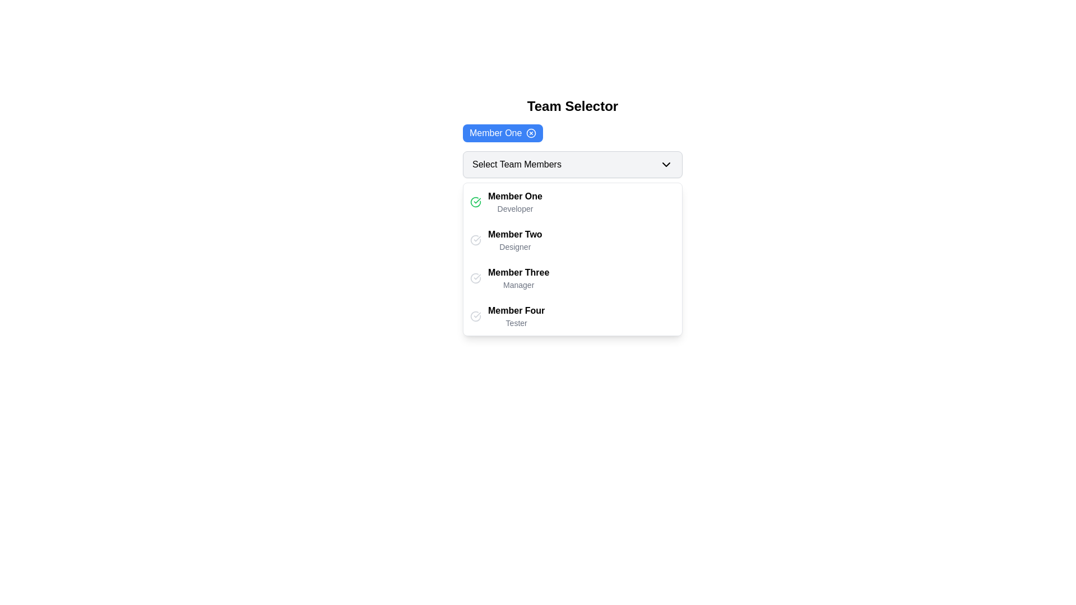 The height and width of the screenshot is (605, 1076). What do you see at coordinates (573, 164) in the screenshot?
I see `the dropdown menu that allows users to select from a list of team members, positioned below the 'Member One' badge and above the list of team members` at bounding box center [573, 164].